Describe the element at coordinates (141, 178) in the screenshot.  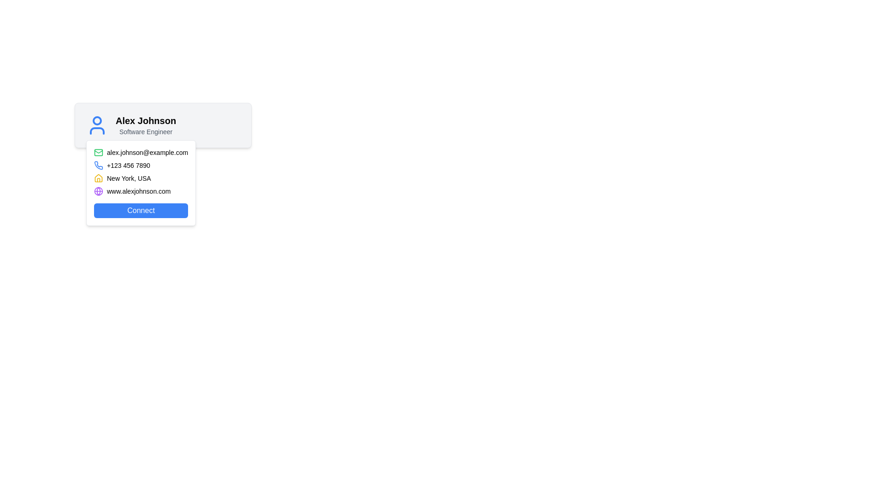
I see `displayed text 'New York, USA' from the label that includes a house icon on the left, located in the third row of the contact information section` at that location.